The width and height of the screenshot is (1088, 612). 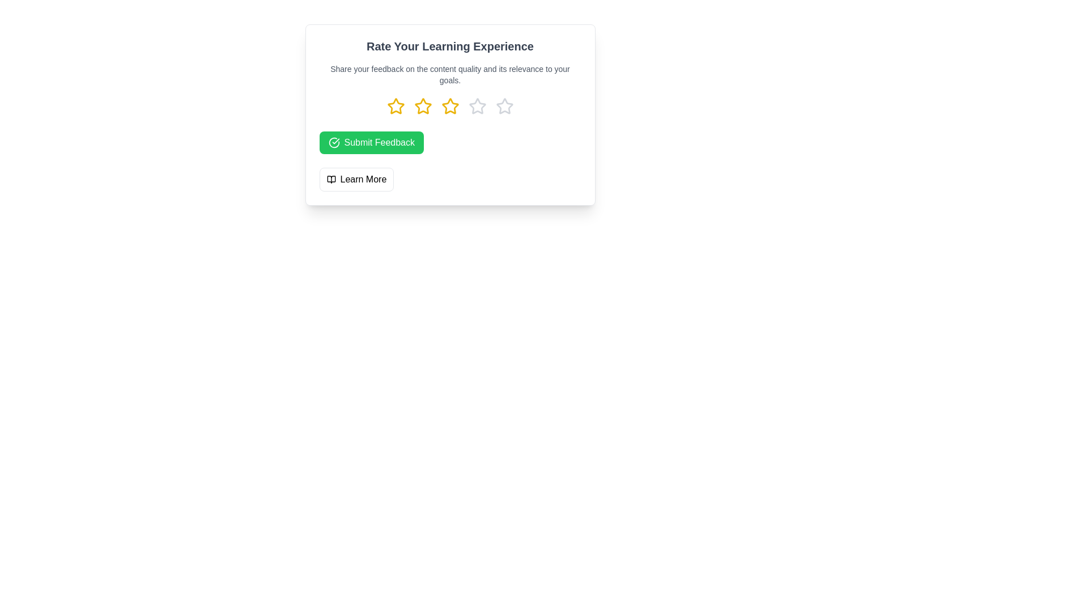 I want to click on the 'Submit Feedback' button, so click(x=371, y=142).